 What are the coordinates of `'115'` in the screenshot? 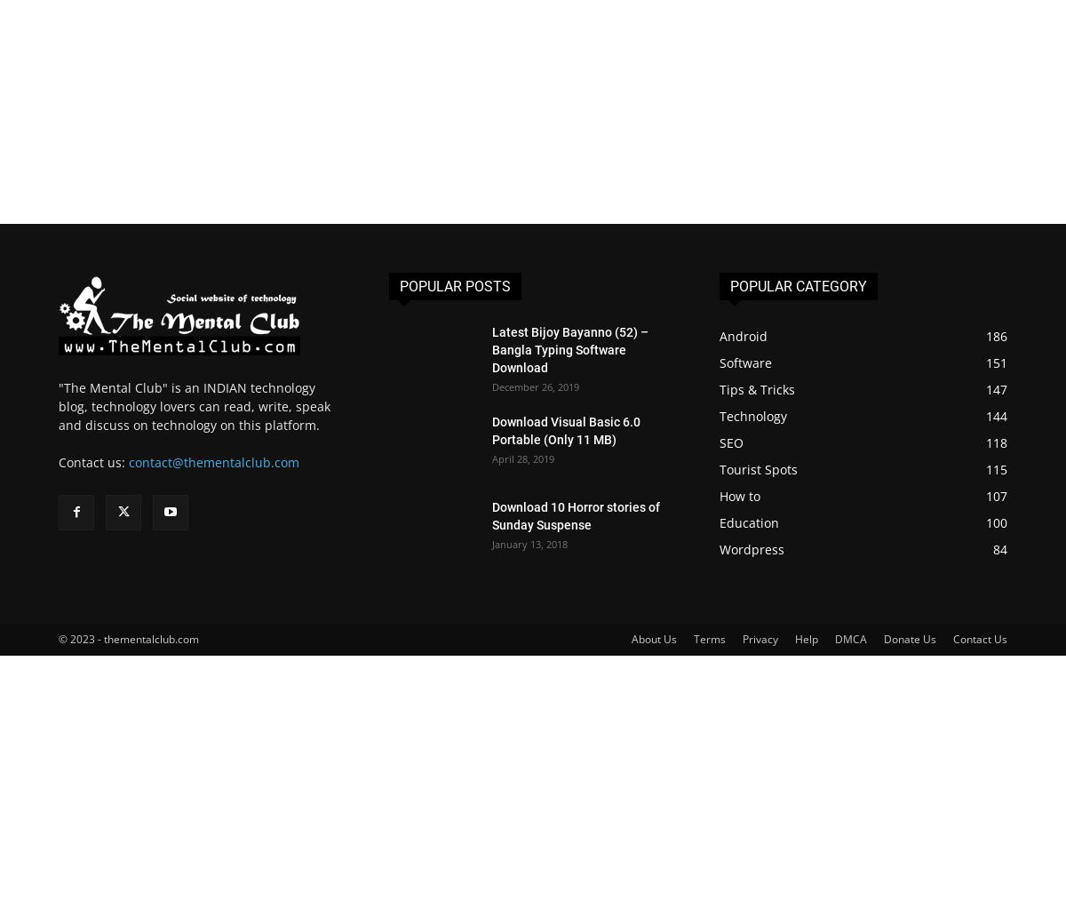 It's located at (996, 467).